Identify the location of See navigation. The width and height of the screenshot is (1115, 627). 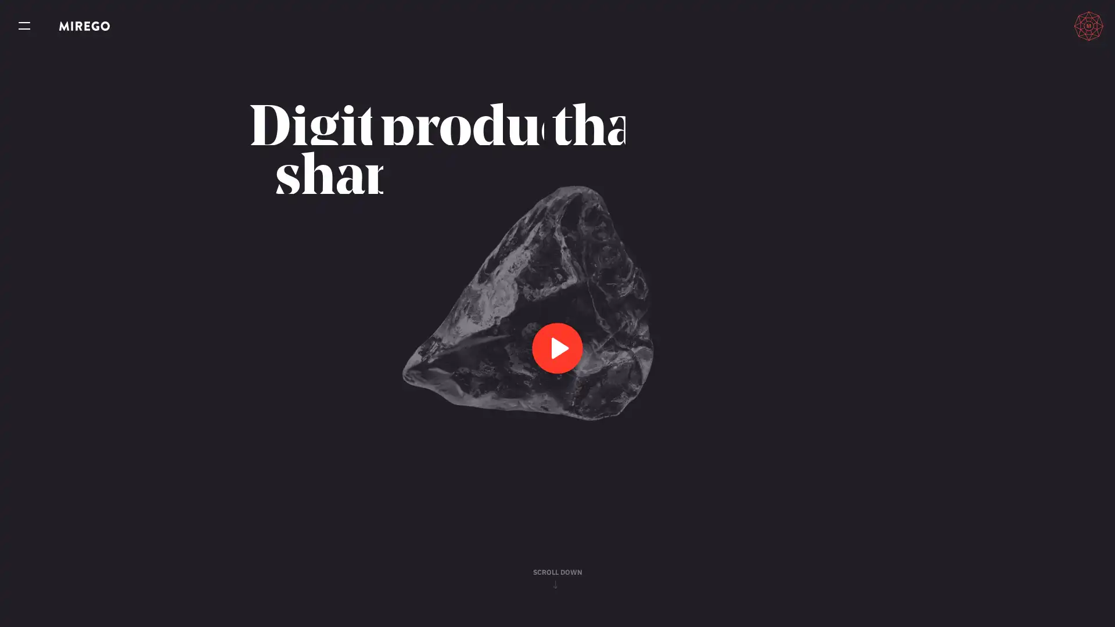
(24, 26).